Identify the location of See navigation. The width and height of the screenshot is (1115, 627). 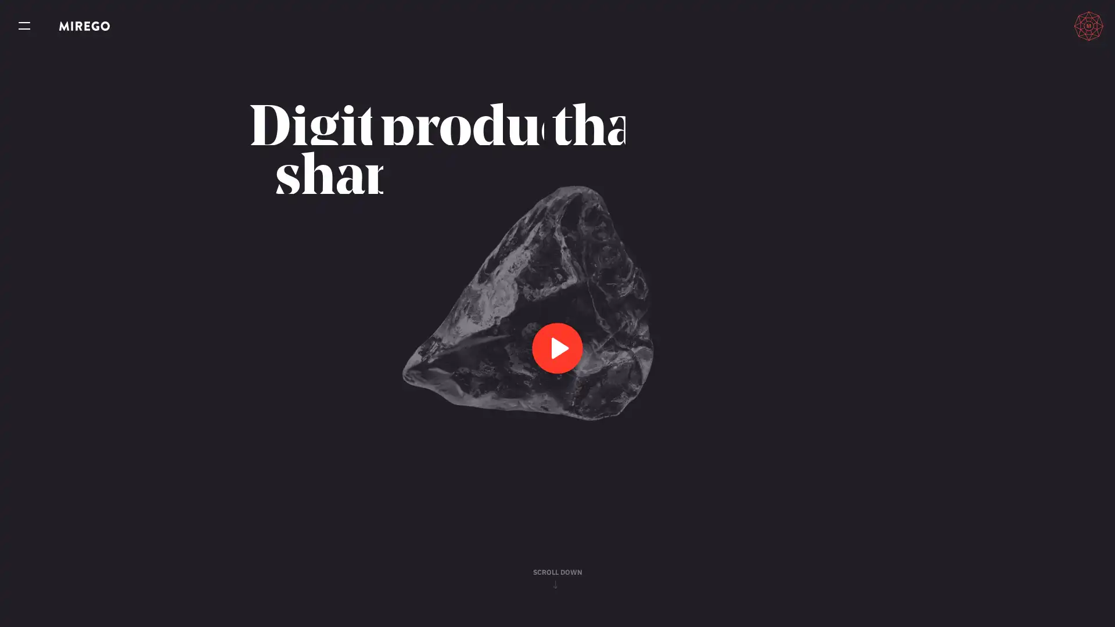
(24, 26).